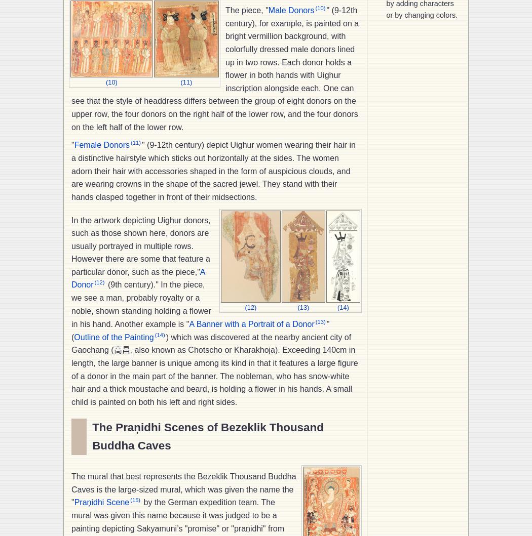 The width and height of the screenshot is (532, 536). I want to click on ') which was discovered at the nearby ancient city of Gaochang (高昌, also known as Chotscho or Kharakhoja). Exceeding 140cm in length, the large banner is unique among its kind in that it features a large figure of a donor in the main part of the banner. The nobleman, who has snow-white hair and a thick moustache and beard, is holding a flower in his hands. A small child is painted on both his left and right sides.', so click(71, 369).